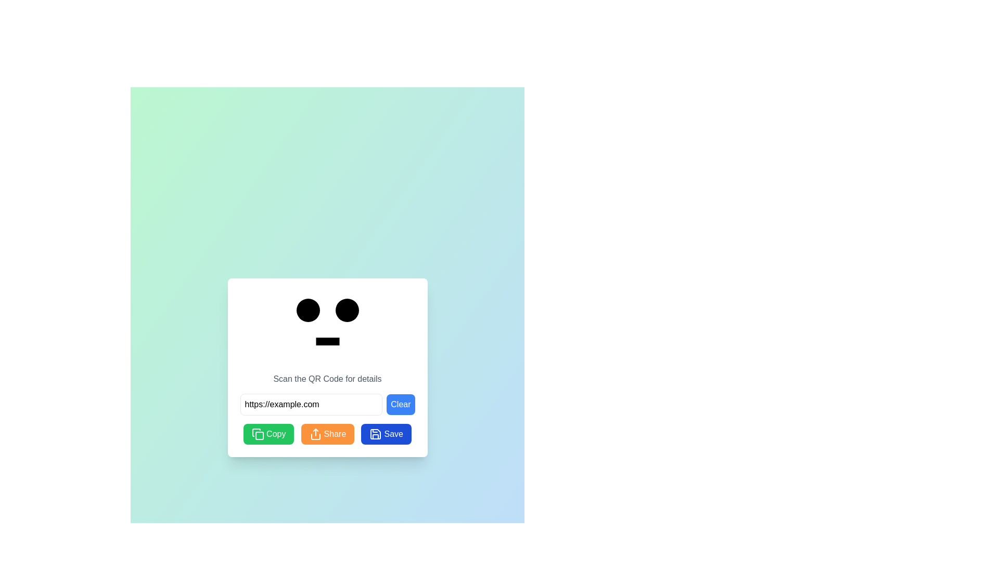  Describe the element at coordinates (258, 434) in the screenshot. I see `the copy icon located to the left of the text 'Copy' within the 'Copy' button in the bottom-left section of the interface` at that location.